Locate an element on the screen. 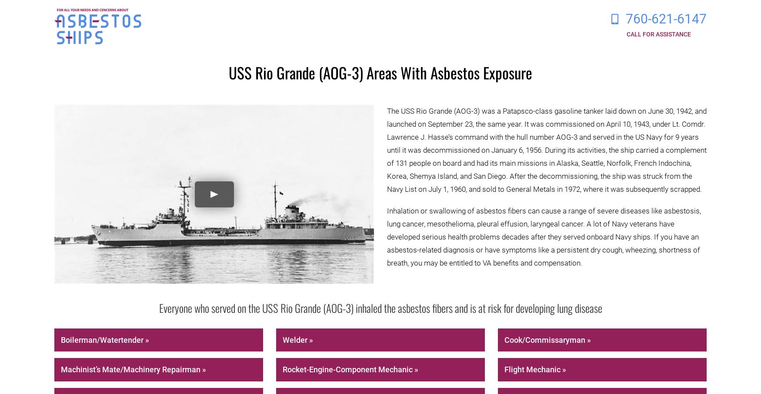  'Boilerman/Watertender »' is located at coordinates (105, 339).